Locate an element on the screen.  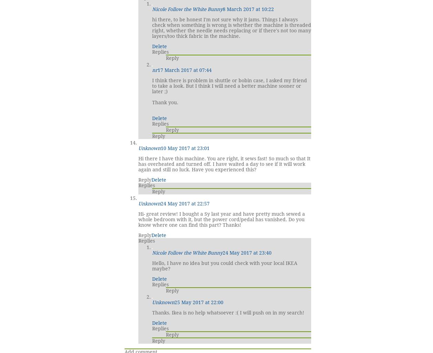
'25 May 2017 at 22:00' is located at coordinates (174, 302).